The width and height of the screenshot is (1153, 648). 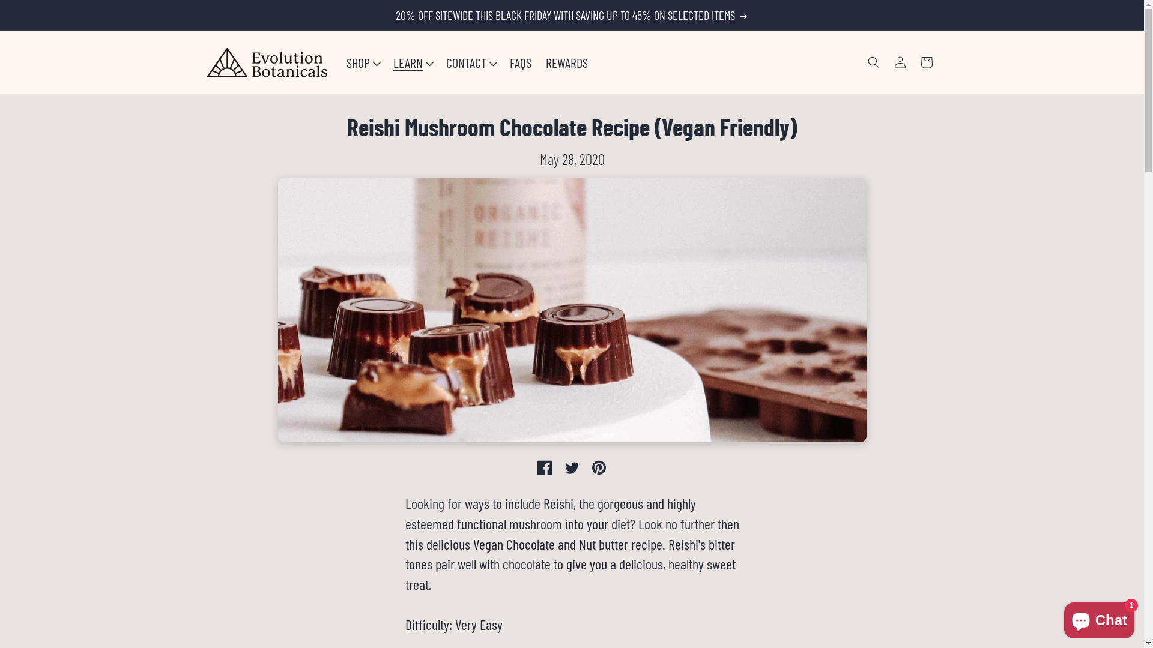 I want to click on 'Log in', so click(x=899, y=62).